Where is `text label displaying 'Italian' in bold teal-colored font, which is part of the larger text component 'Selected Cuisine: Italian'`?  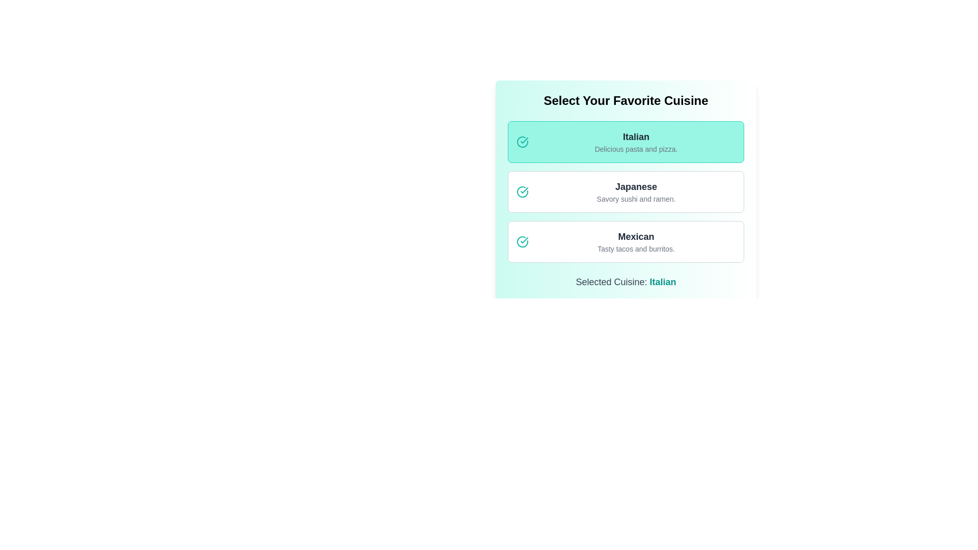
text label displaying 'Italian' in bold teal-colored font, which is part of the larger text component 'Selected Cuisine: Italian' is located at coordinates (663, 282).